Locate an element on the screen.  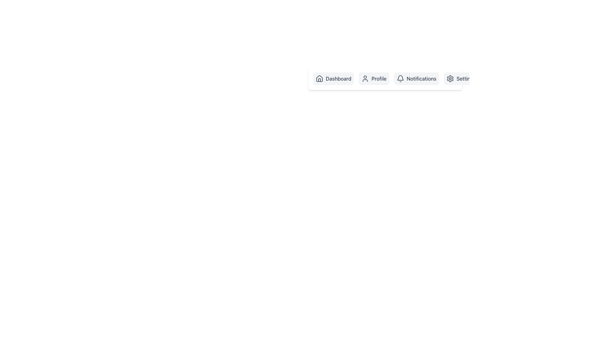
the 'Notifications' text label in the navigation bar is located at coordinates (421, 78).